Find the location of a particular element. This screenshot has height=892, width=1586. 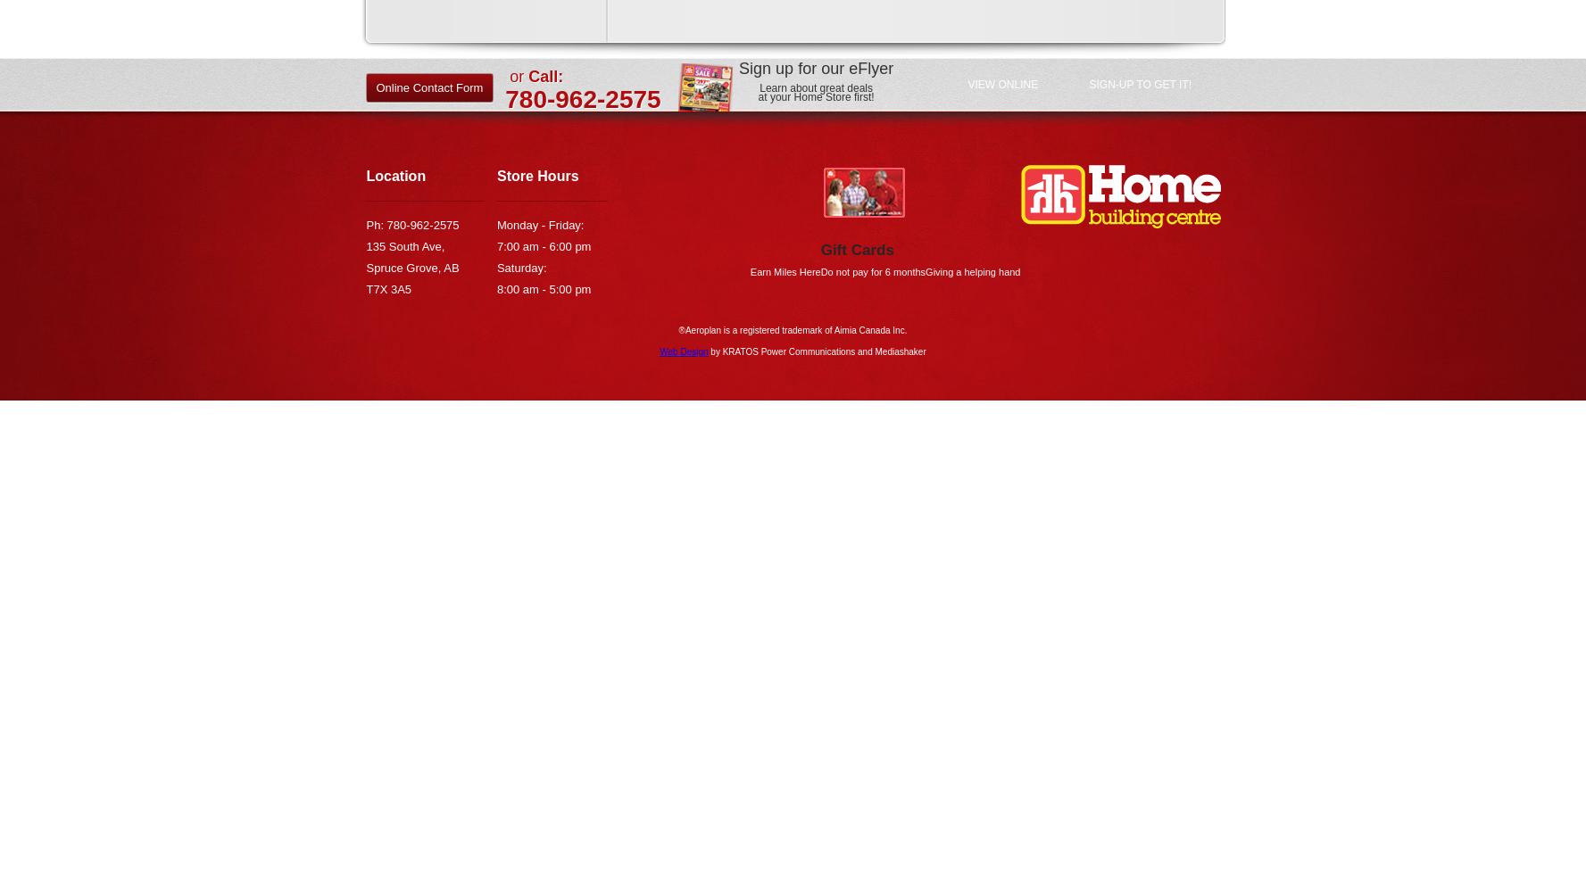

'780-962-2575' is located at coordinates (503, 98).